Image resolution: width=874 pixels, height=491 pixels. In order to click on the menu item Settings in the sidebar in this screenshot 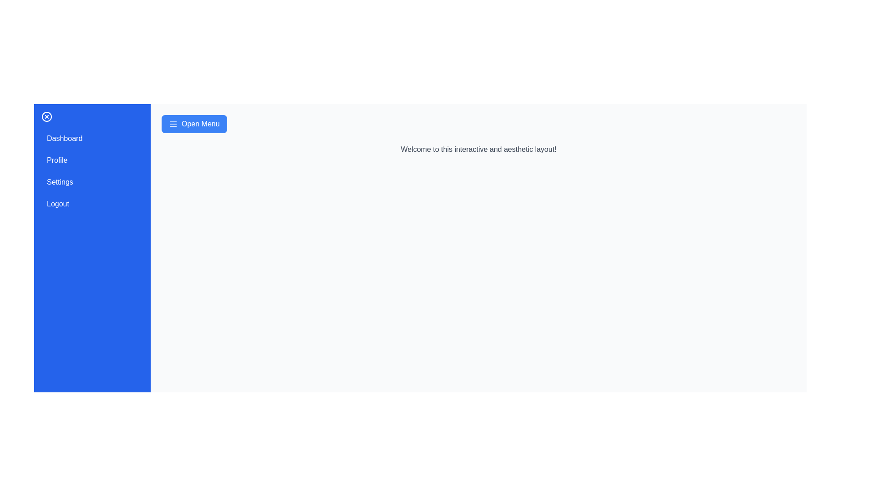, I will do `click(92, 182)`.